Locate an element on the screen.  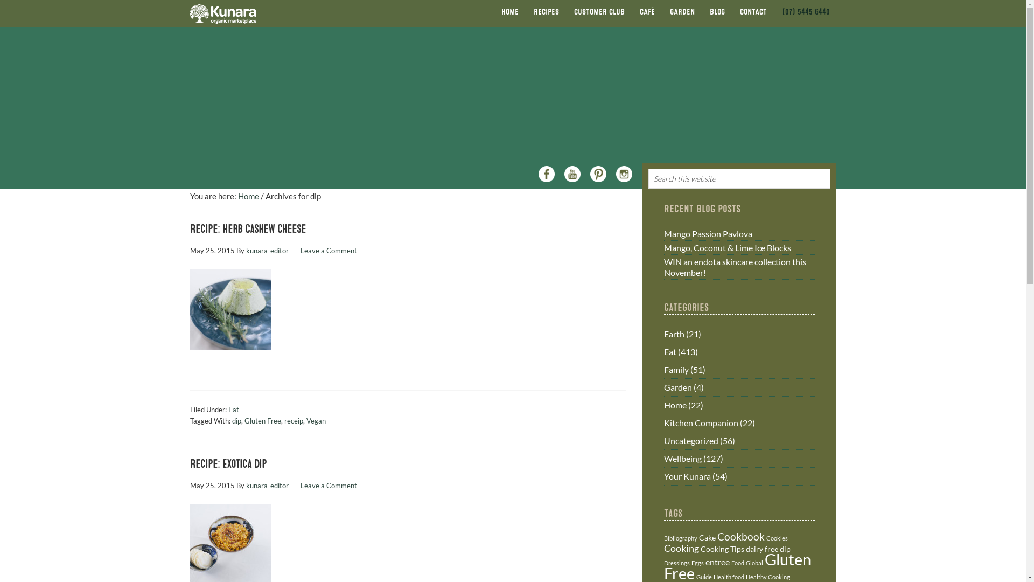
'RECIPES' is located at coordinates (546, 12).